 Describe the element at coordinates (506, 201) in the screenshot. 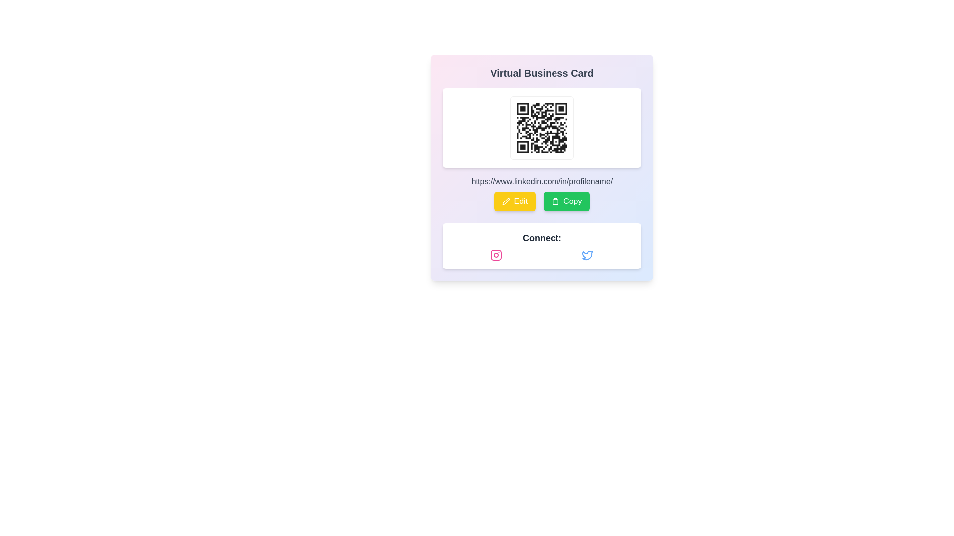

I see `the 'Edit' button icon located to the left within the button, which is centered beneath the QR code and URL text, to initiate an edit action` at that location.